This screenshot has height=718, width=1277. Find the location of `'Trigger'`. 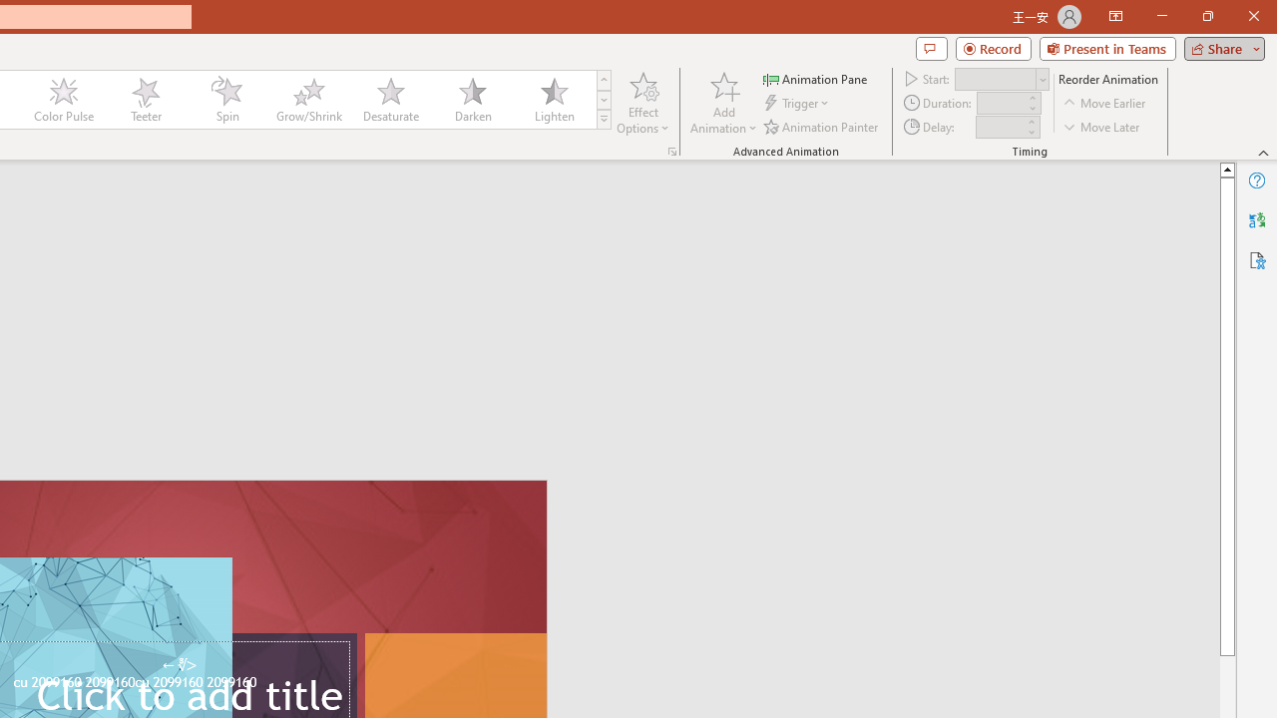

'Trigger' is located at coordinates (798, 103).